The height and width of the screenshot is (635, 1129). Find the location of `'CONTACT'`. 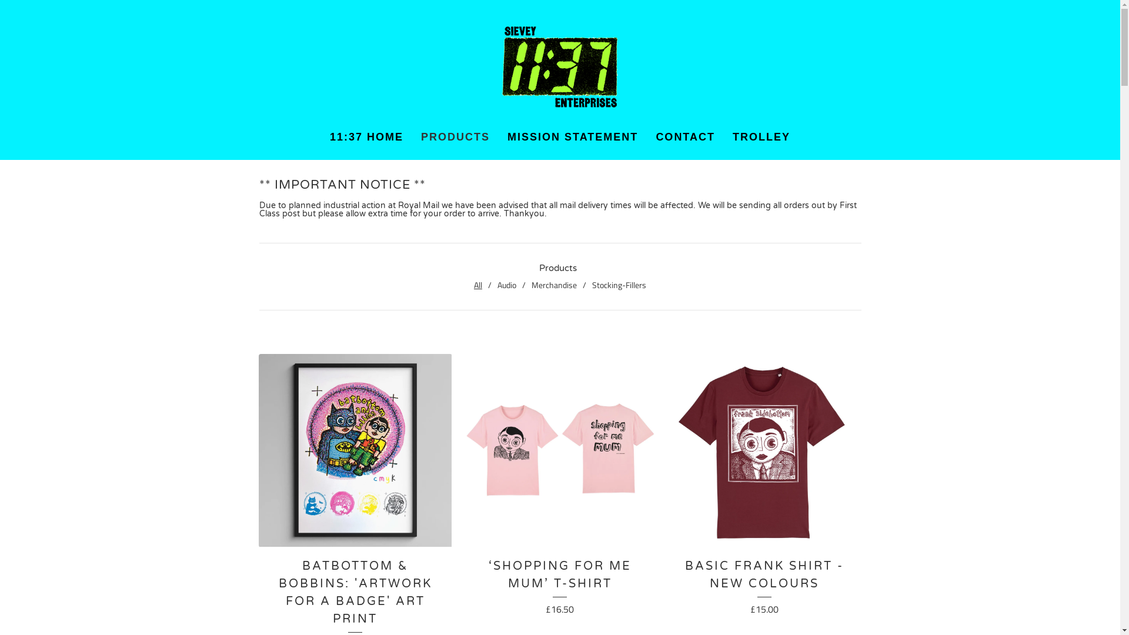

'CONTACT' is located at coordinates (646, 136).